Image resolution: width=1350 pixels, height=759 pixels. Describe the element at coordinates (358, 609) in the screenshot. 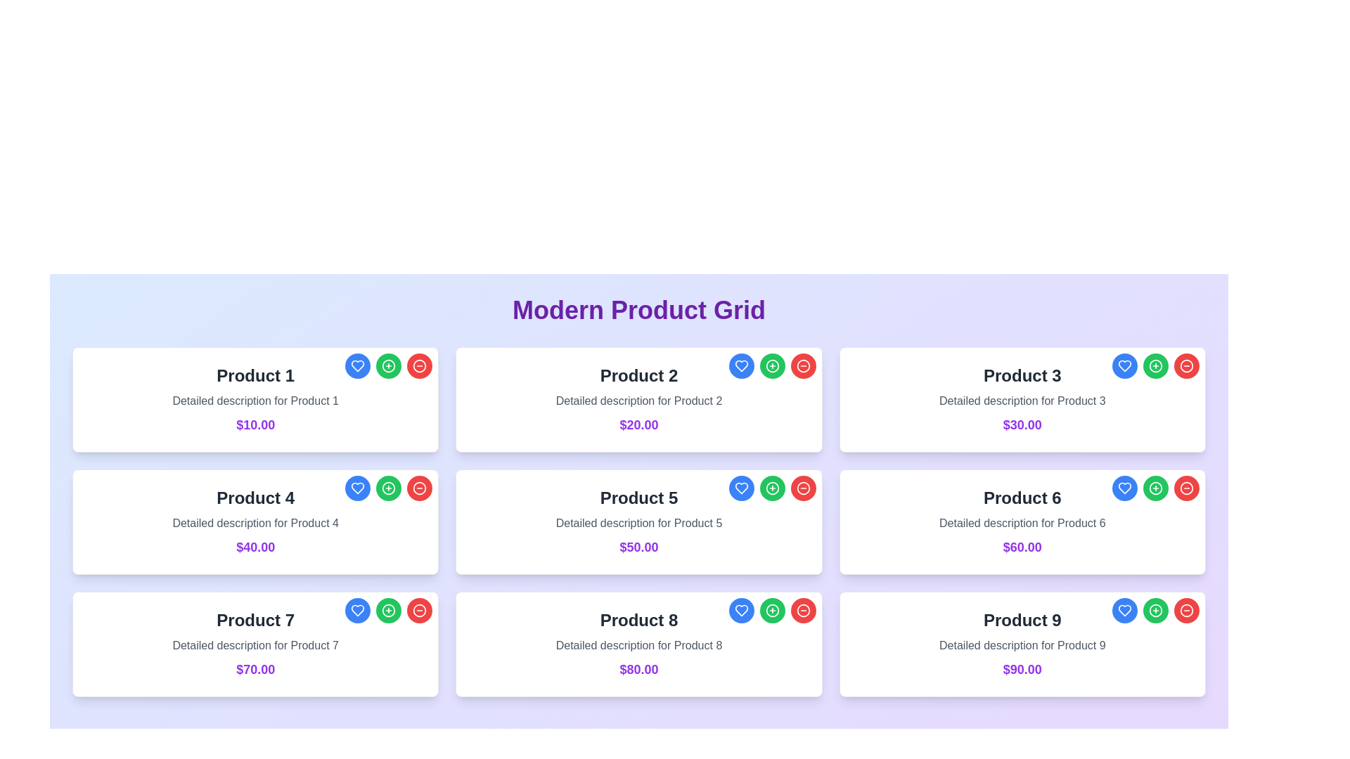

I see `the circular blue button with a white heart icon located at the top-right corner of the 'Product 7' card` at that location.